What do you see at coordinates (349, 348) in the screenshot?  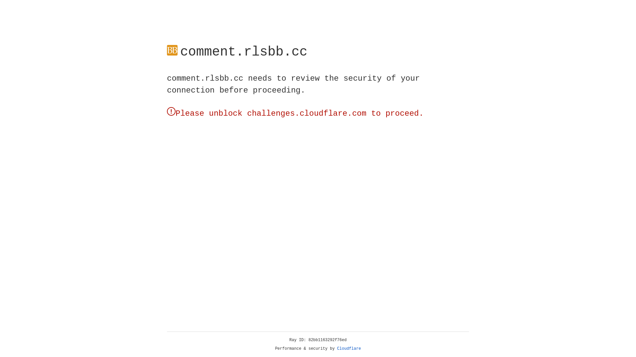 I see `'Cloudflare'` at bounding box center [349, 348].